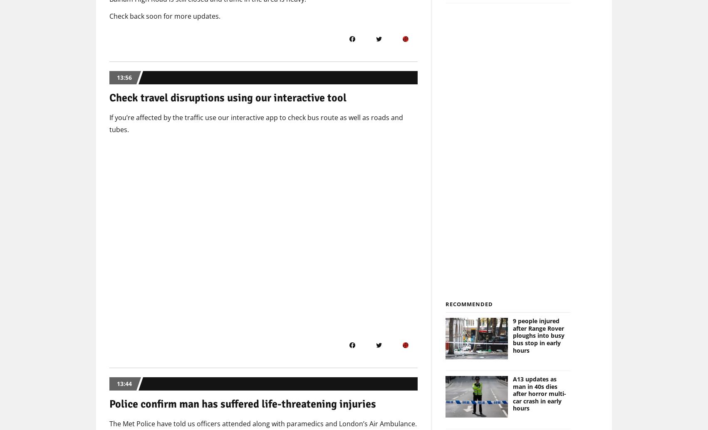 Image resolution: width=708 pixels, height=430 pixels. I want to click on 'If you’re affected by the traffic use our interactive app to check bus route as well as roads and tubes.', so click(256, 123).